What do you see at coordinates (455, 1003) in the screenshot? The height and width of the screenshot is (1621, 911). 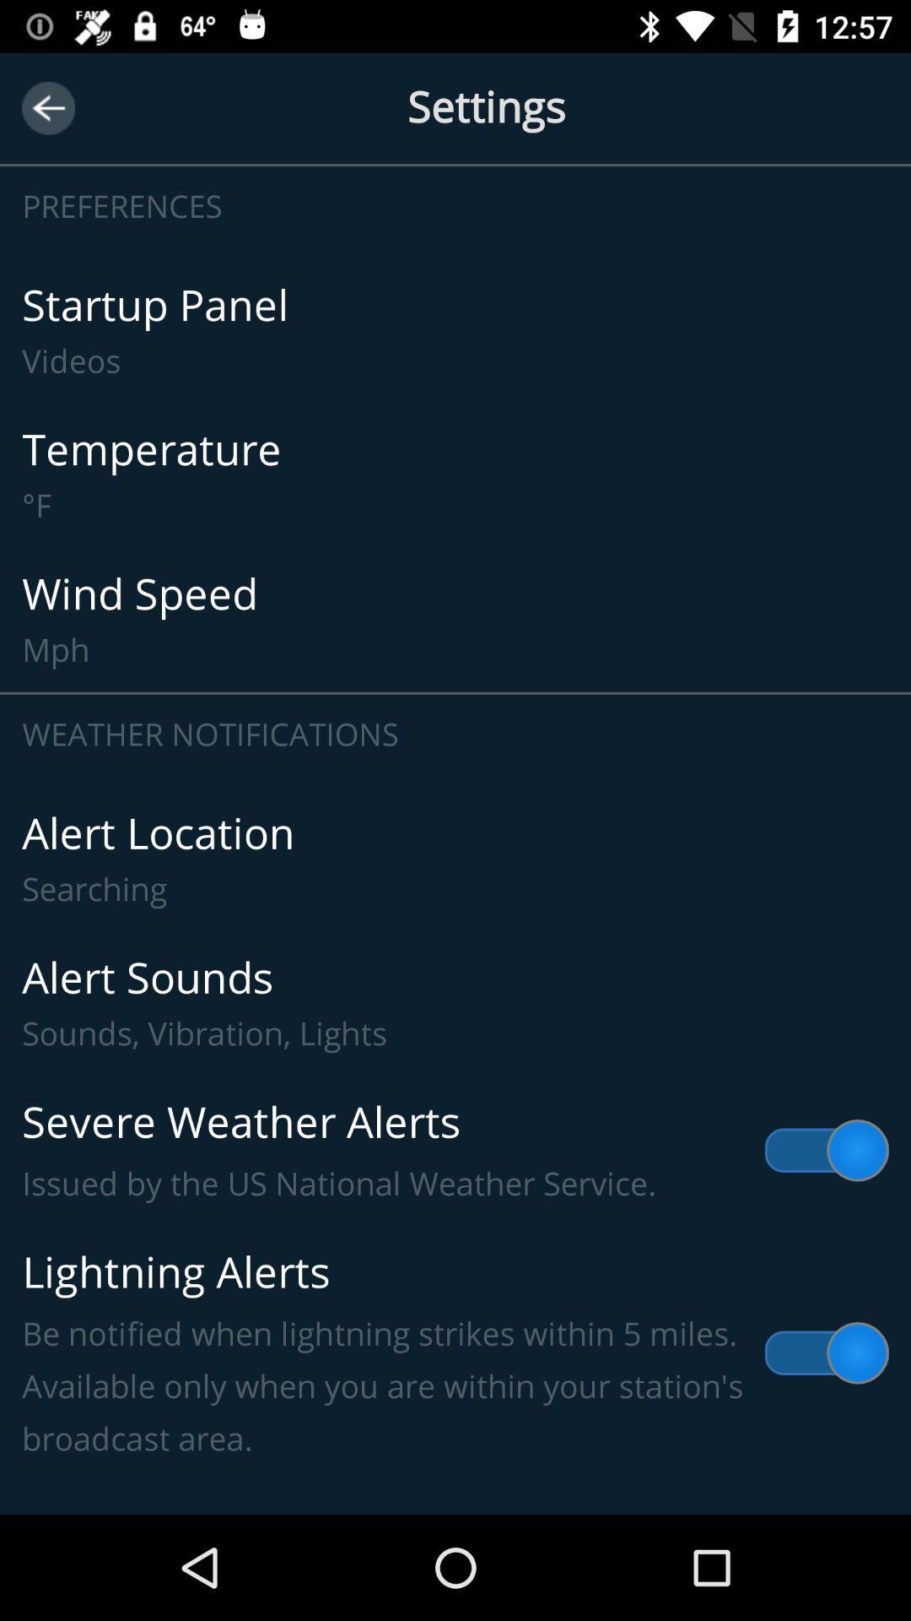 I see `item above severe weather alerts item` at bounding box center [455, 1003].